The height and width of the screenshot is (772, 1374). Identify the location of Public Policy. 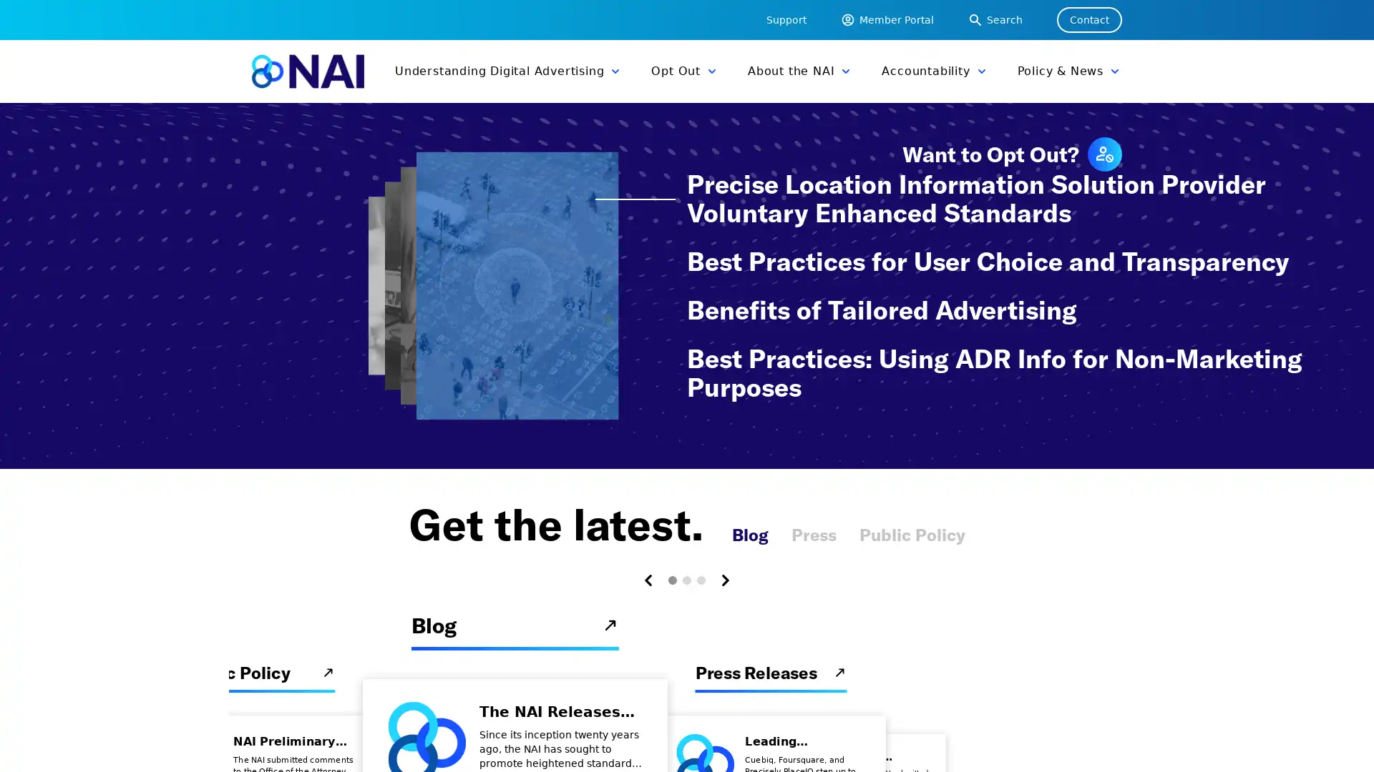
(910, 535).